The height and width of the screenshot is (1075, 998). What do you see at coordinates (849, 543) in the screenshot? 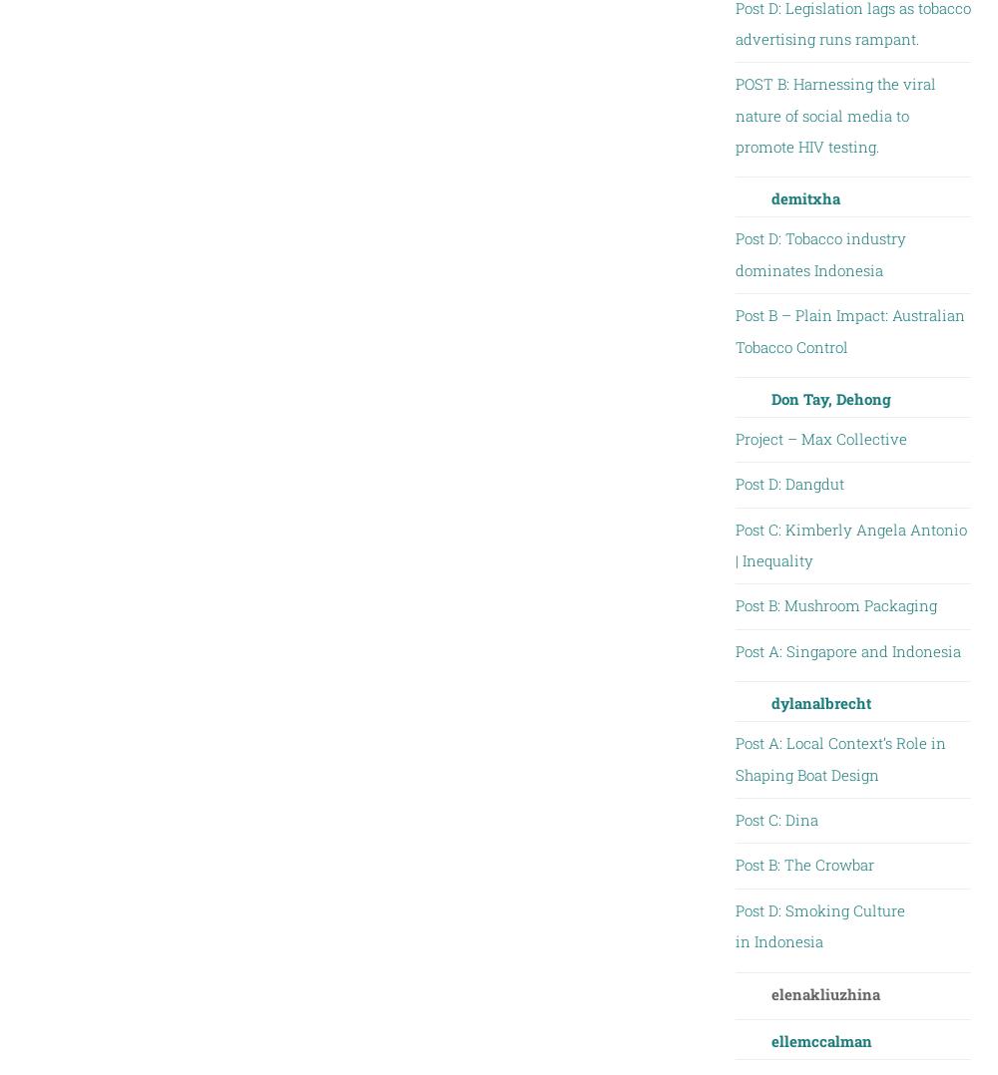
I see `'Post C: Kimberly Angela Antonio | Inequality'` at bounding box center [849, 543].